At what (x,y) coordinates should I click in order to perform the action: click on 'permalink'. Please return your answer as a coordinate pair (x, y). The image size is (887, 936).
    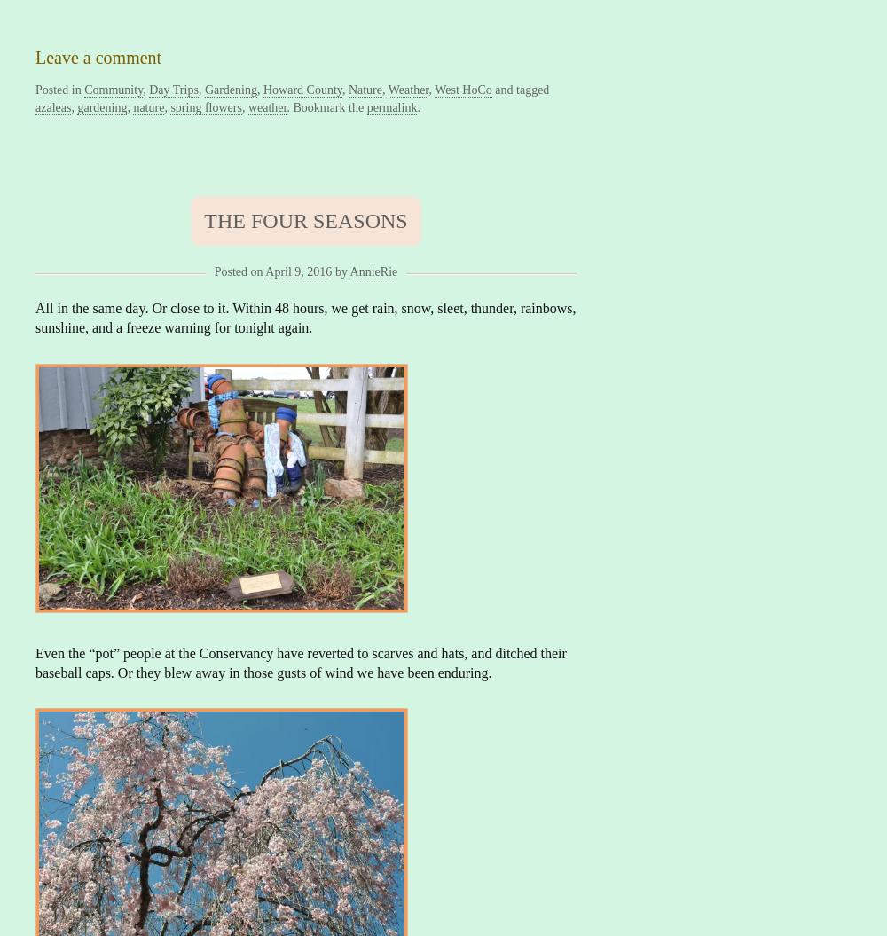
    Looking at the image, I should click on (390, 106).